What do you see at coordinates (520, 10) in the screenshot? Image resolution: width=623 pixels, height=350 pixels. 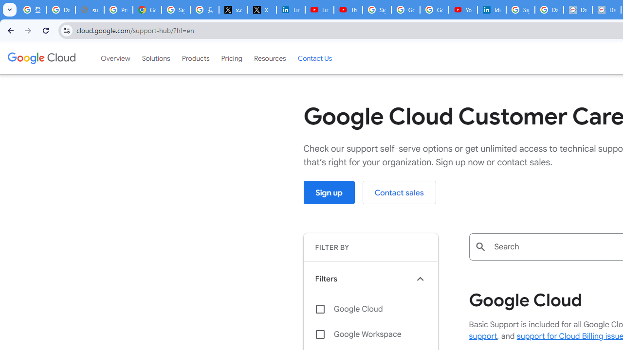 I see `'Sign in - Google Accounts'` at bounding box center [520, 10].